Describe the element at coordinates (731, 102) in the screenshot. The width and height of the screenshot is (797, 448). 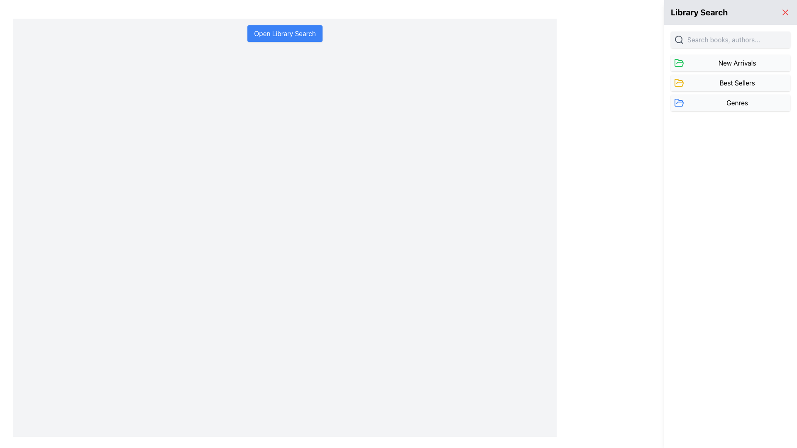
I see `the 'Genres' button located in the right sidebar below the 'Best Sellers' button in the 'Library Search' section` at that location.